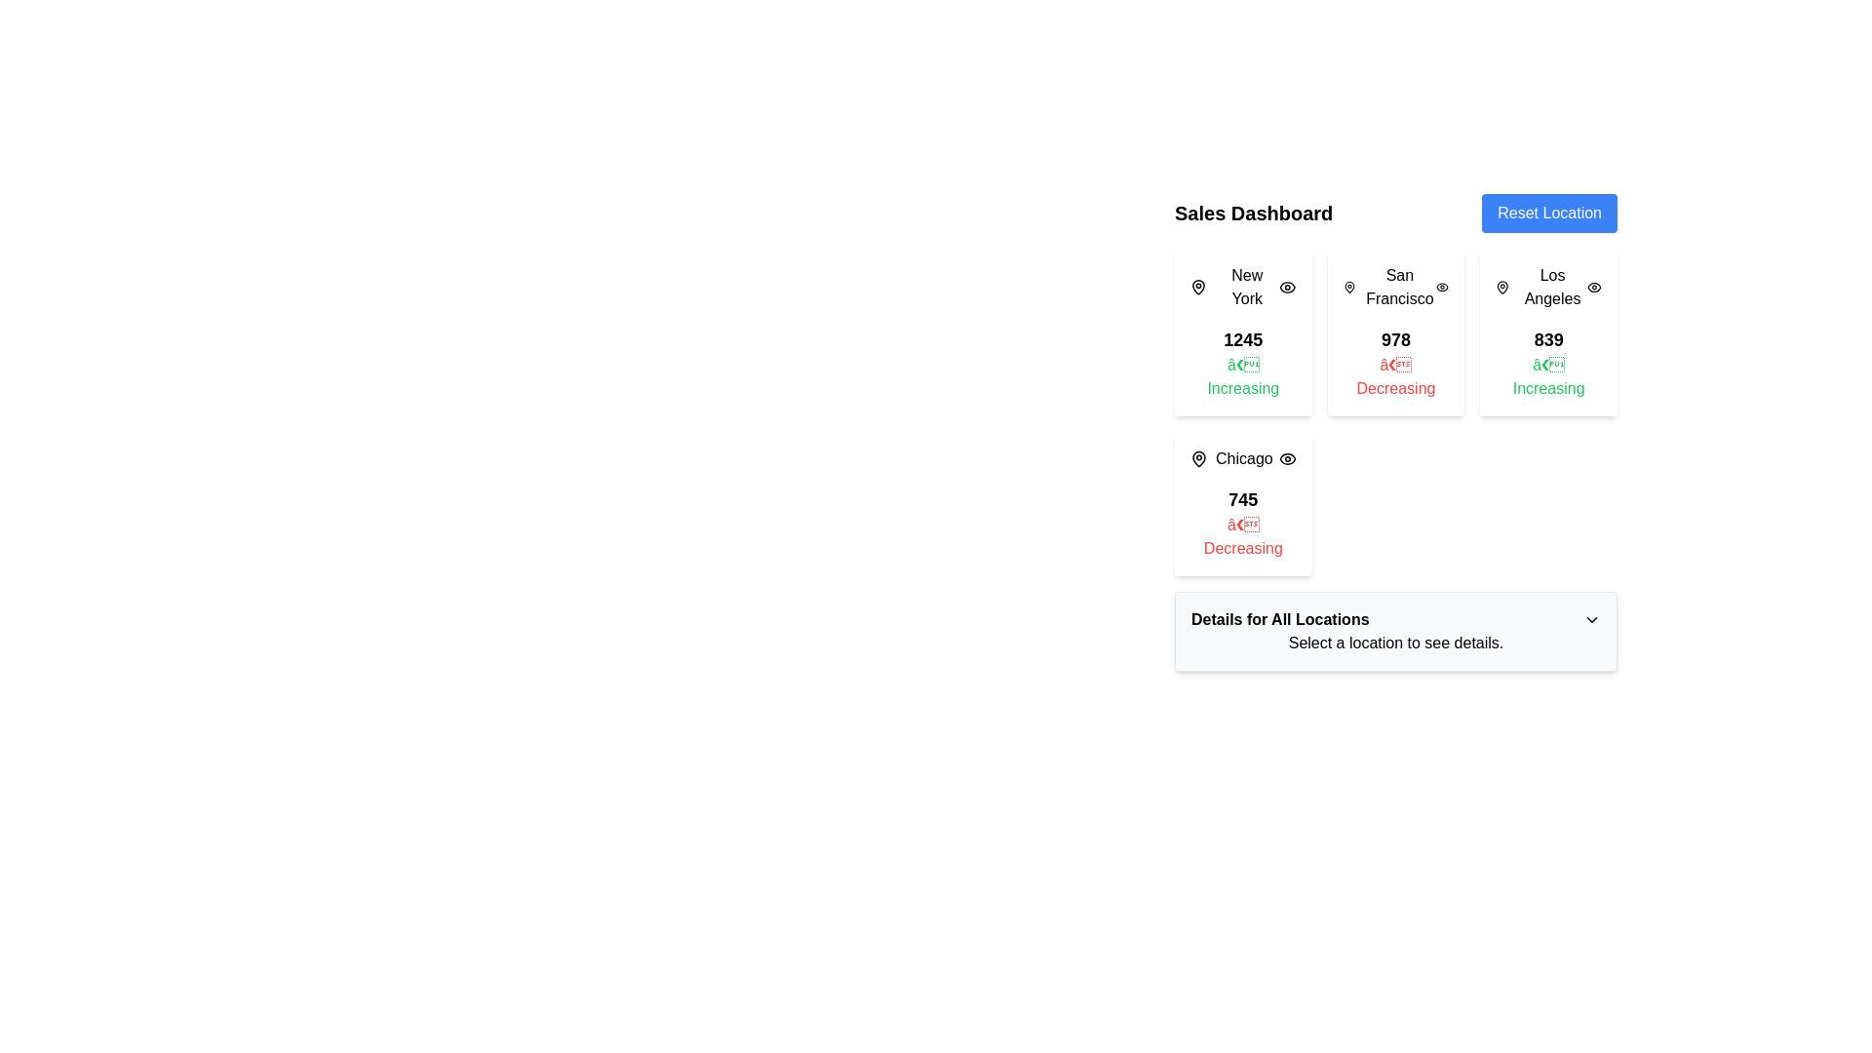 The image size is (1872, 1053). Describe the element at coordinates (1242, 376) in the screenshot. I see `text of the Label Text displaying '↑ Increasing' in green color, located below the numeric value '1245' in the New York card` at that location.